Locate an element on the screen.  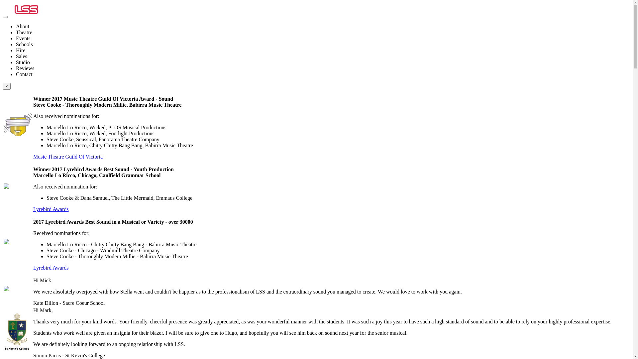
'Events' is located at coordinates (23, 38).